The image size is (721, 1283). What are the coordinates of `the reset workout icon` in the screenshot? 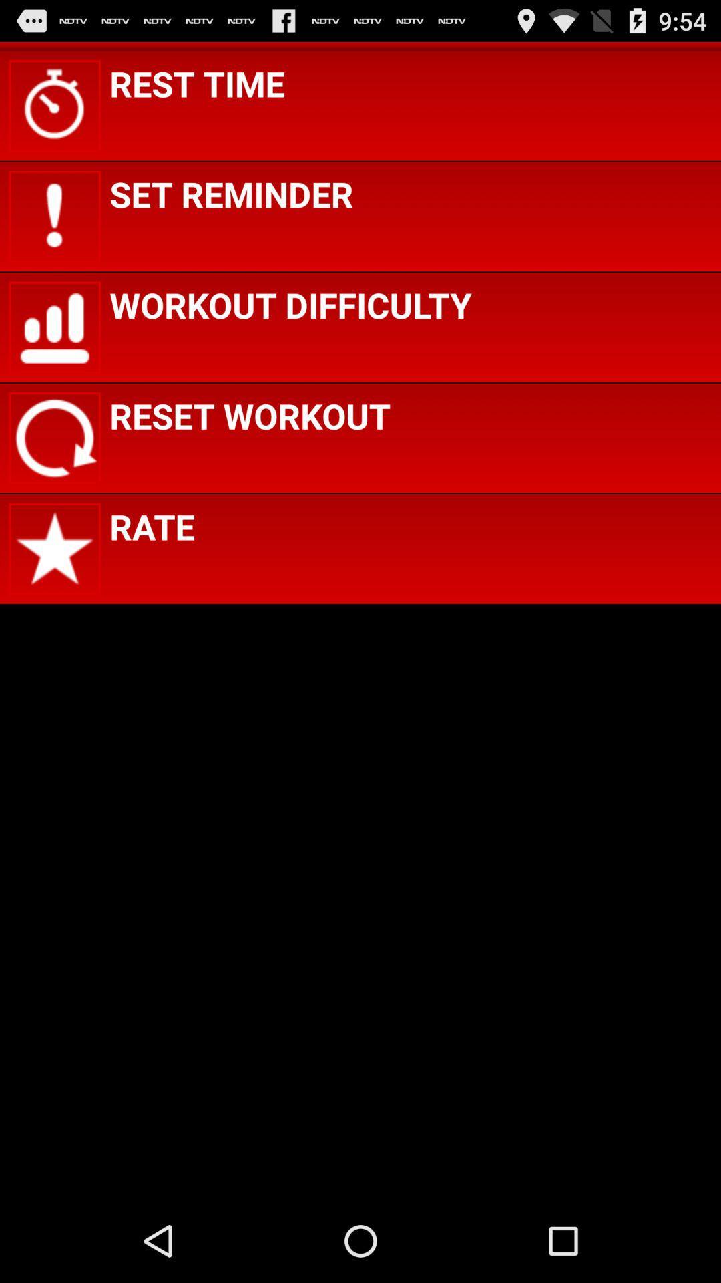 It's located at (250, 415).